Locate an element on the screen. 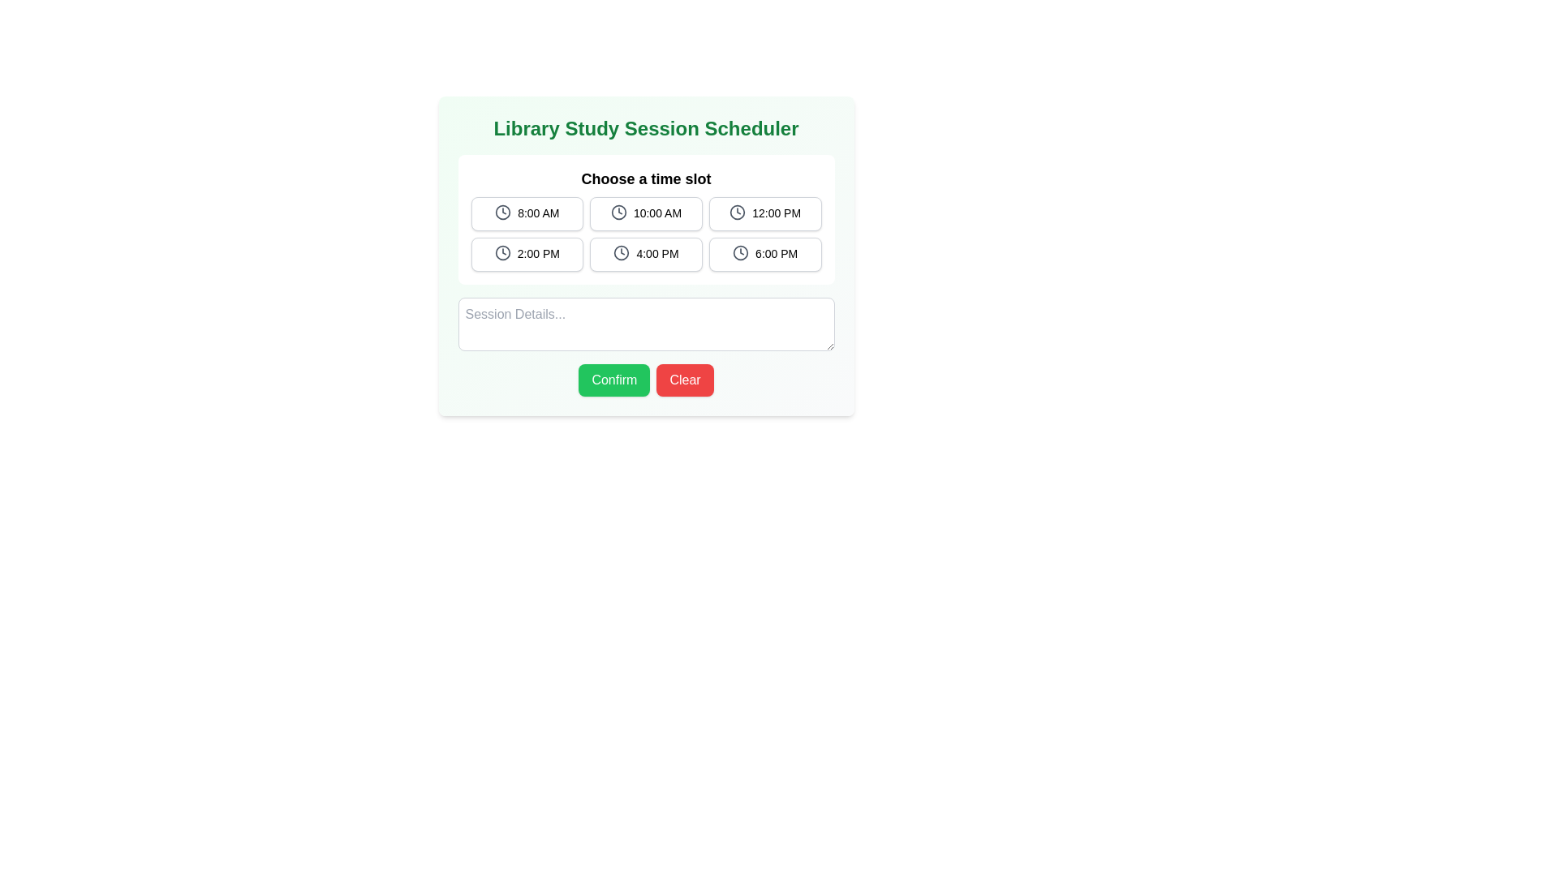 The image size is (1558, 876). the time slot selector button labeled '12:00 PM', which is styled as a white rounded rectangle with a shadow and includes a clock icon on the left is located at coordinates (764, 213).